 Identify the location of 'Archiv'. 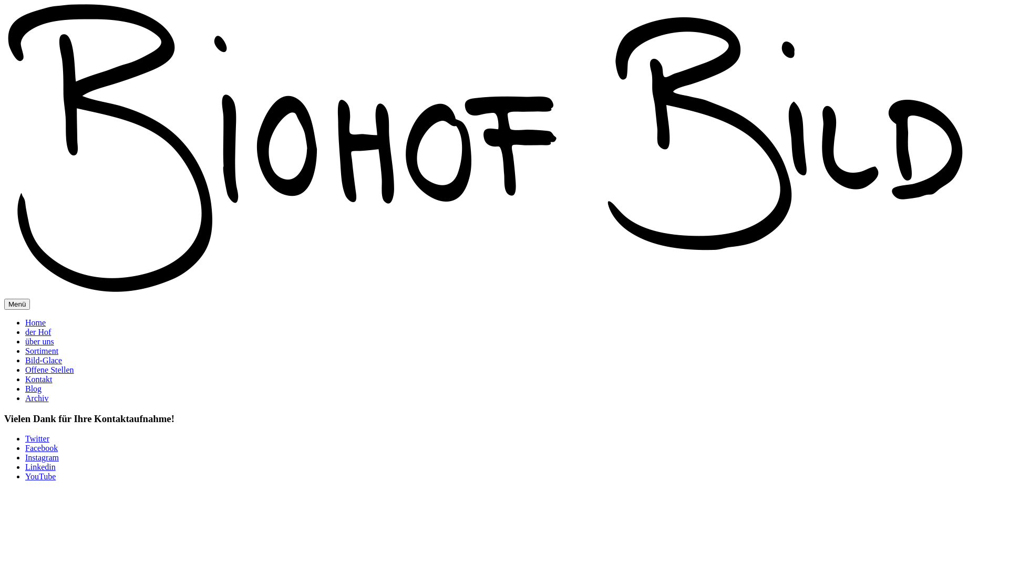
(37, 398).